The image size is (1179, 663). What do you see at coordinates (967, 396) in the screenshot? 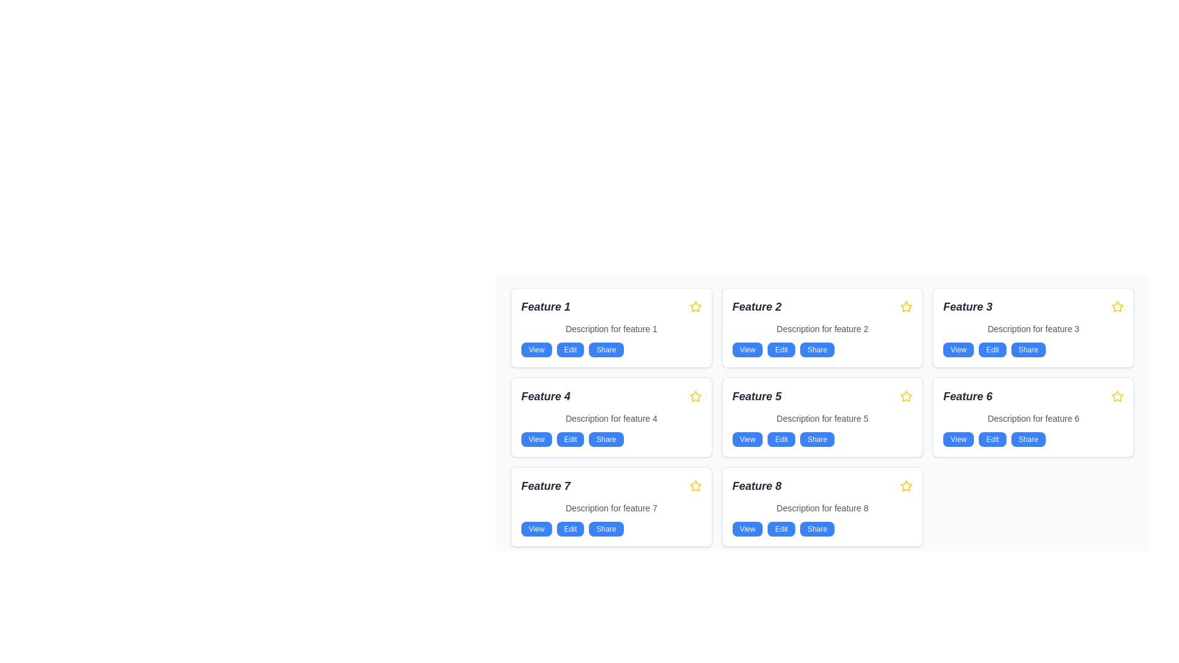
I see `the 'Feature 6' text label` at bounding box center [967, 396].